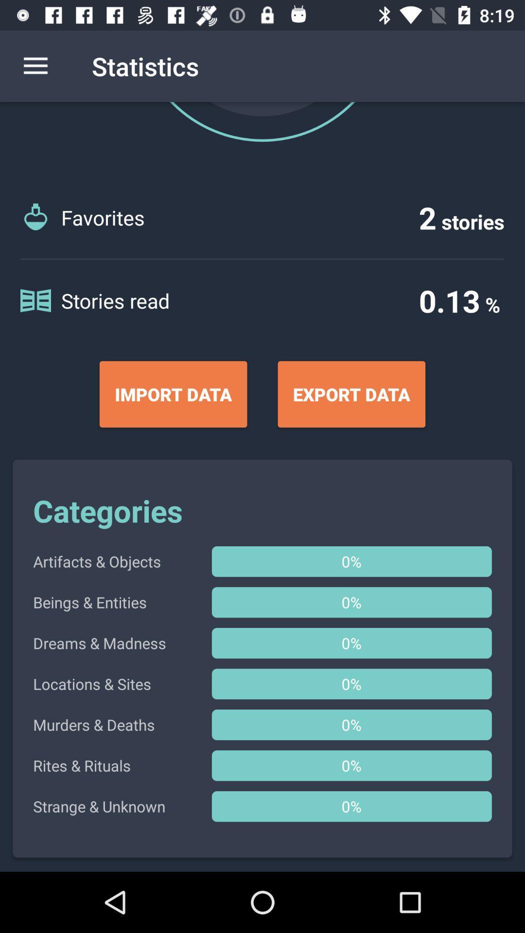  Describe the element at coordinates (173, 394) in the screenshot. I see `the item above categories` at that location.